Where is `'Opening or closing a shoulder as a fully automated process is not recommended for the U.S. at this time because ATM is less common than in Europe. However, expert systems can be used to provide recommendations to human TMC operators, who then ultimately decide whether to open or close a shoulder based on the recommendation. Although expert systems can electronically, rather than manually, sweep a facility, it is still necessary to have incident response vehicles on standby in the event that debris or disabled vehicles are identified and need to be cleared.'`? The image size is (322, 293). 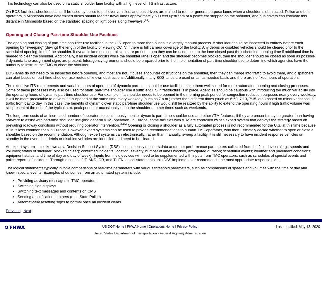
'Opening or closing a shoulder as a fully automated process is not recommended for the U.S. at this time because ATM is less common than in Europe. However, expert systems can be used to provide recommendations to human TMC operators, who then ultimately decide whether to open or close a shoulder based on the recommendation. Although expert systems can electronically, rather than manually, sweep a facility, it is still necessary to have incident response vehicles on standby in the event that debris or disabled vehicles are identified and need to be cleared.' is located at coordinates (161, 132).